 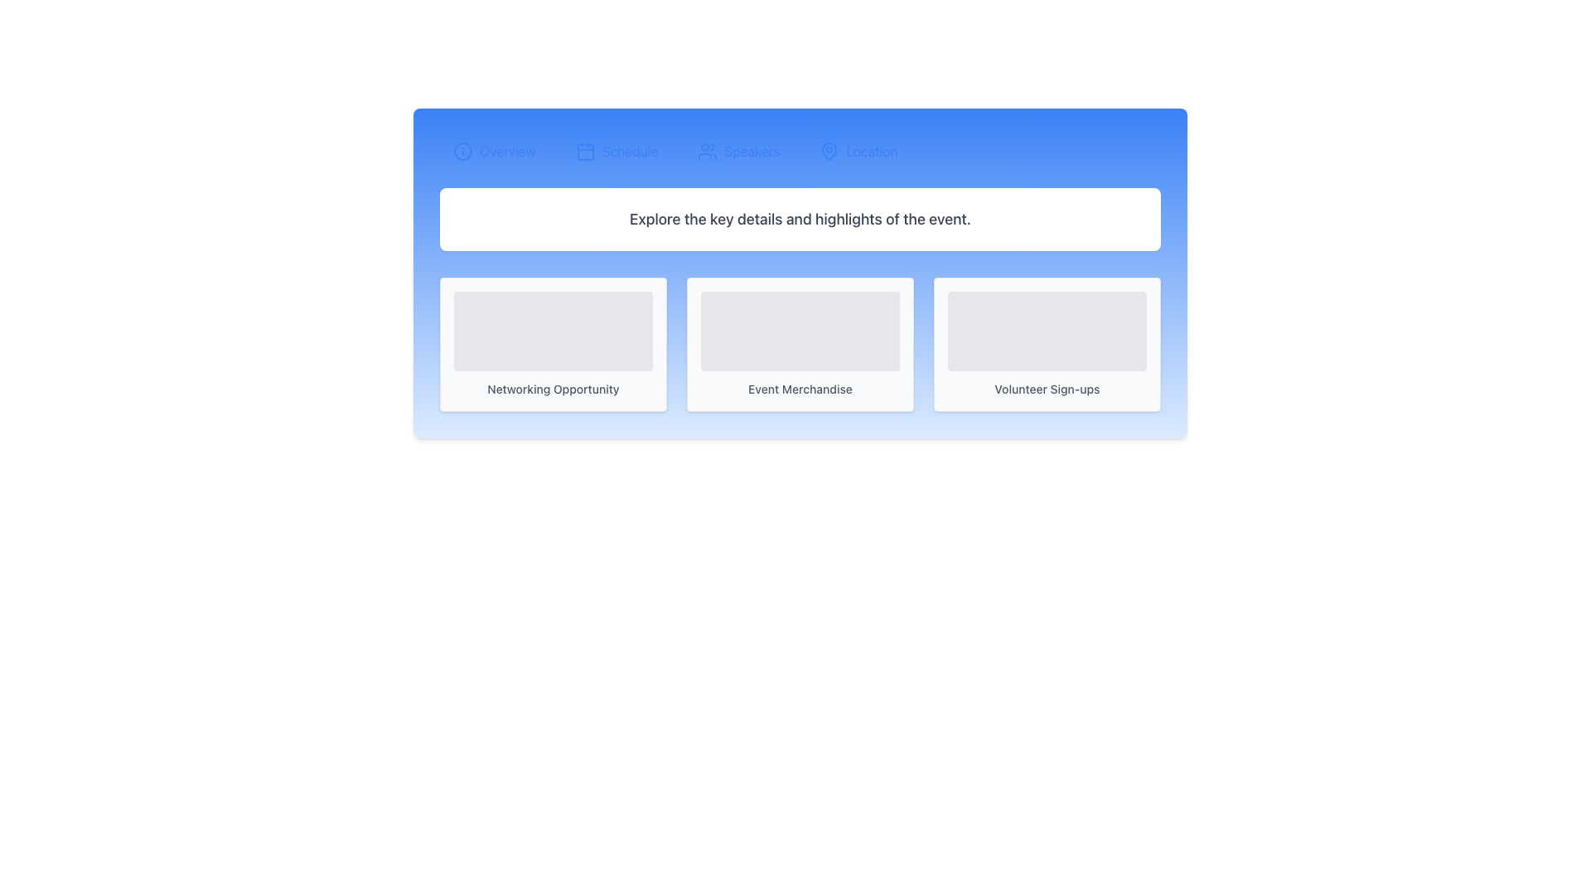 What do you see at coordinates (871, 151) in the screenshot?
I see `the 'Location' navigation tab in the top menu bar` at bounding box center [871, 151].